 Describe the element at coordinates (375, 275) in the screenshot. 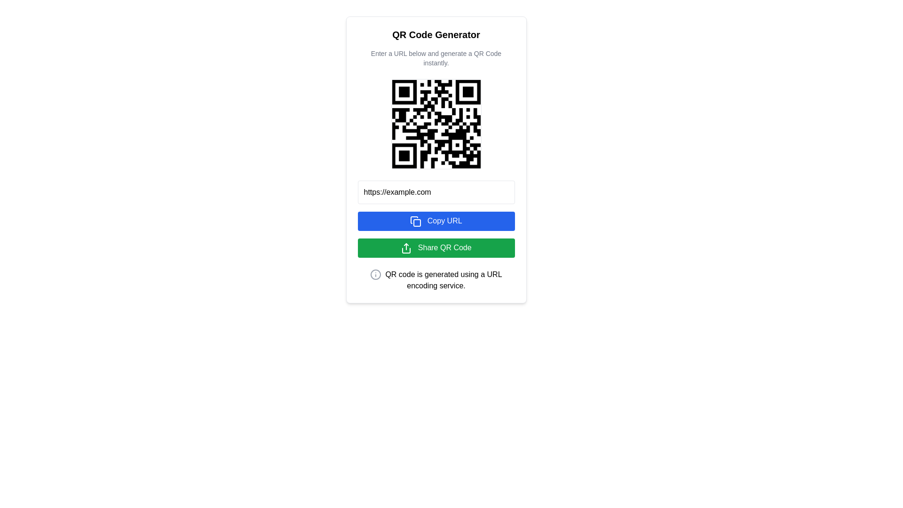

I see `the icon located at the bottom of the card, positioned to the left of the text stating 'QR code is generated using a URL encoding service.'` at that location.